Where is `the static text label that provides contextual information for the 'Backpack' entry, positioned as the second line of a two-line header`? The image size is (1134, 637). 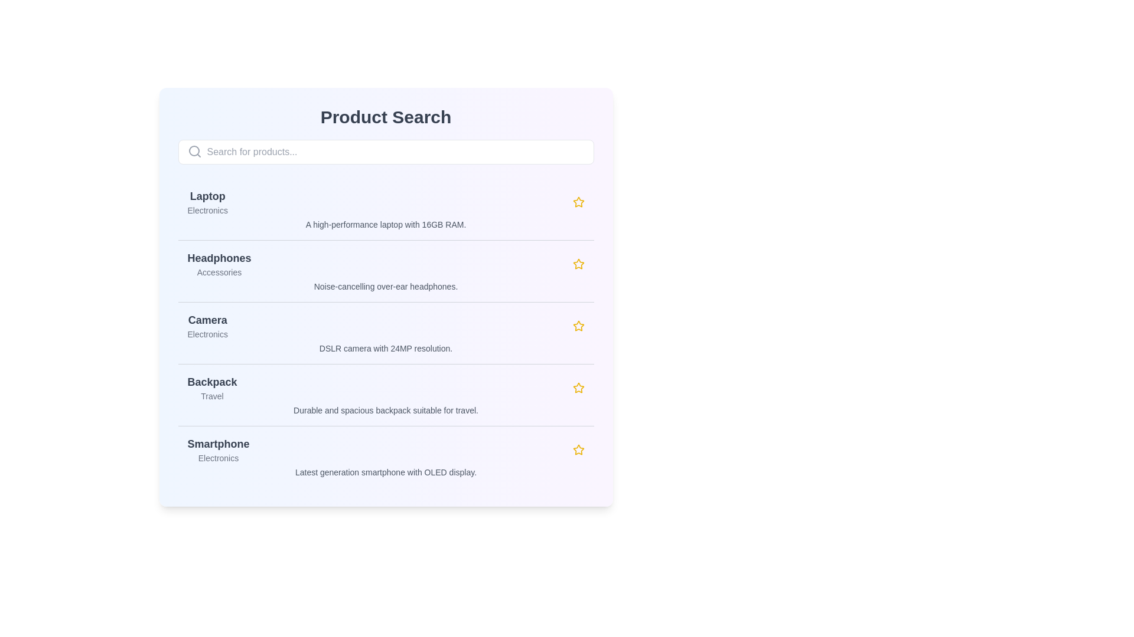 the static text label that provides contextual information for the 'Backpack' entry, positioned as the second line of a two-line header is located at coordinates (212, 396).